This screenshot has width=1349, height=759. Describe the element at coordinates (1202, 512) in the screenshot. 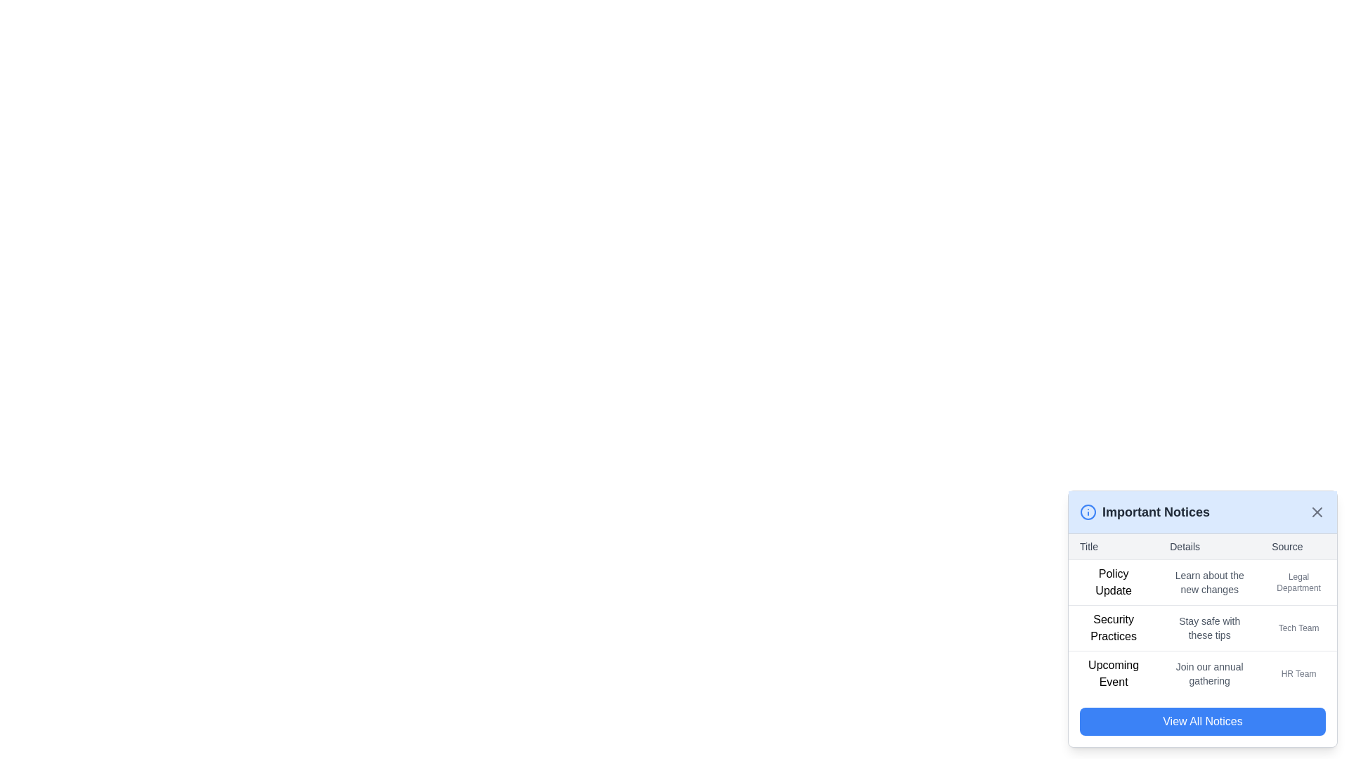

I see `the Header component of the notification panel located at the bottom-right corner of the interface` at that location.